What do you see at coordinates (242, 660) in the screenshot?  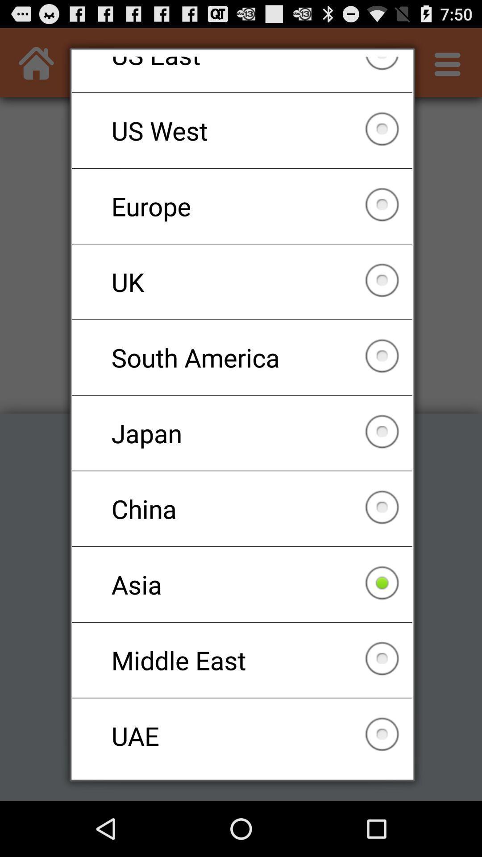 I see `the item below the     asia item` at bounding box center [242, 660].